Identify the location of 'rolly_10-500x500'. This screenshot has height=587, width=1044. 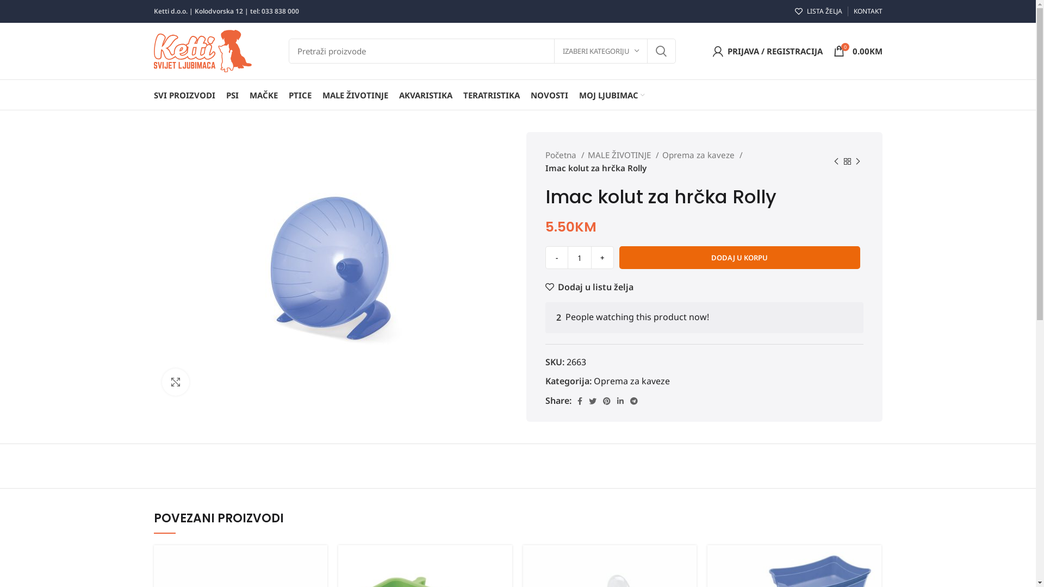
(331, 268).